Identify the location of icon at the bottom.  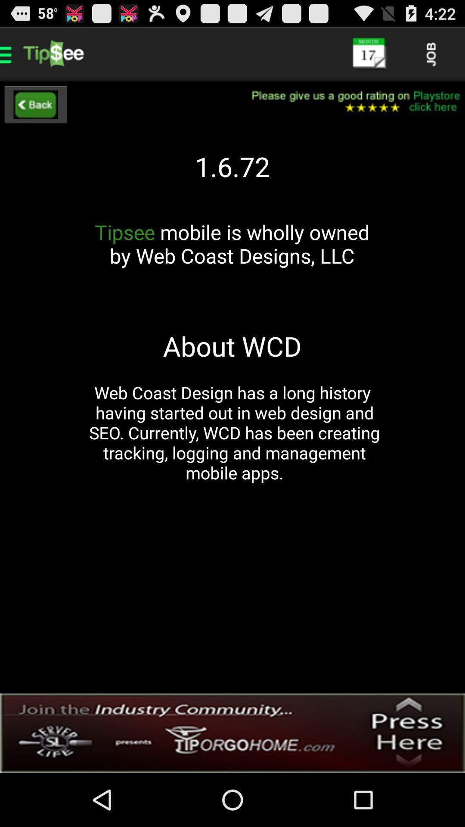
(232, 733).